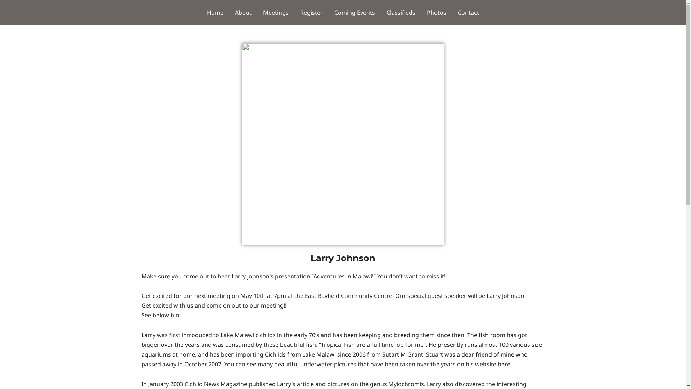 The width and height of the screenshot is (691, 389). What do you see at coordinates (436, 12) in the screenshot?
I see `'Photos'` at bounding box center [436, 12].